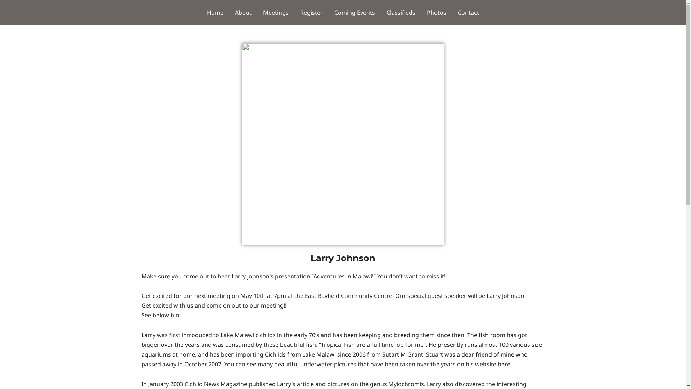 The width and height of the screenshot is (691, 389). What do you see at coordinates (436, 12) in the screenshot?
I see `'Photos'` at bounding box center [436, 12].